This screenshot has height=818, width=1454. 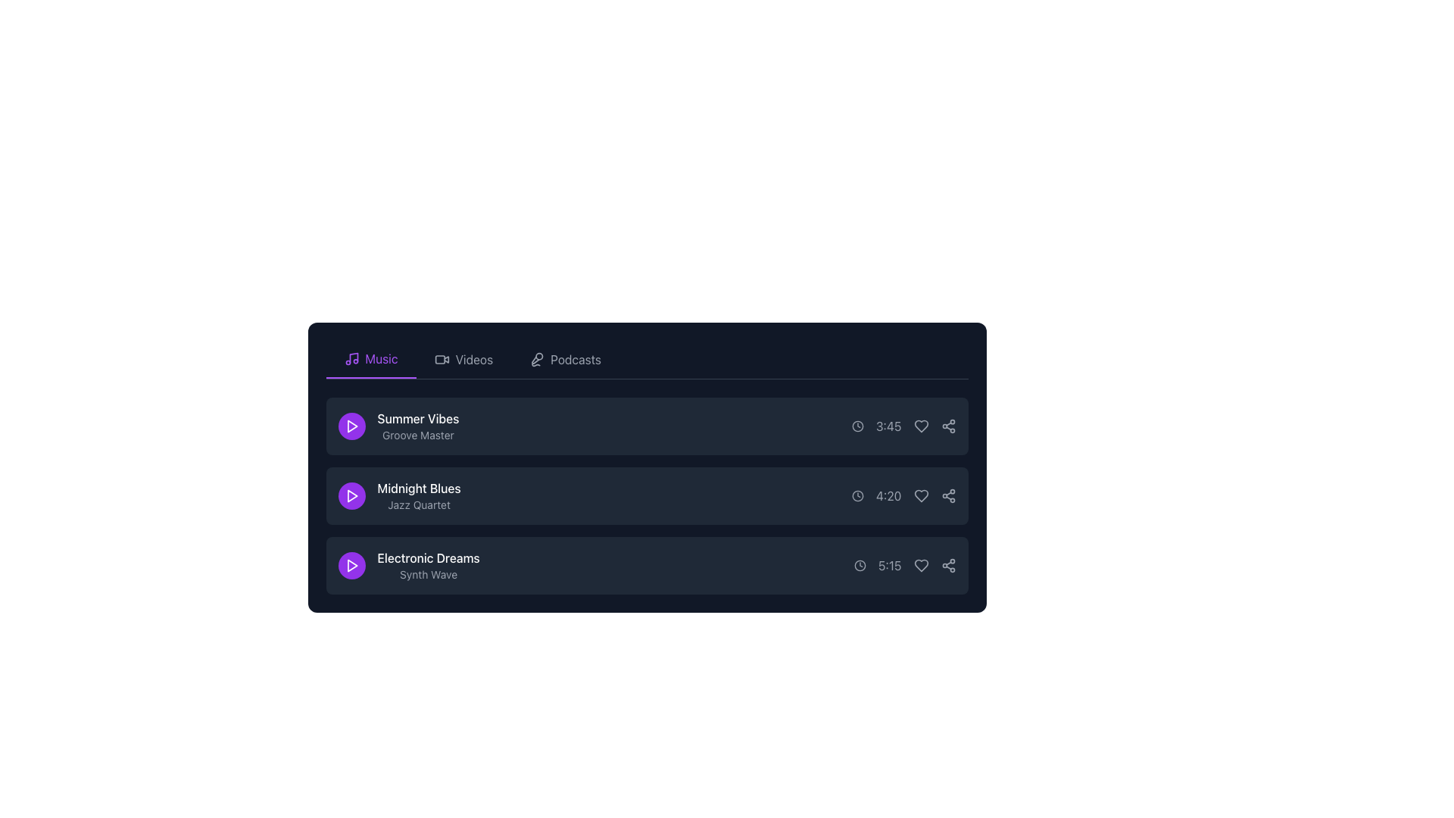 What do you see at coordinates (920, 426) in the screenshot?
I see `the heart-shaped icon button` at bounding box center [920, 426].